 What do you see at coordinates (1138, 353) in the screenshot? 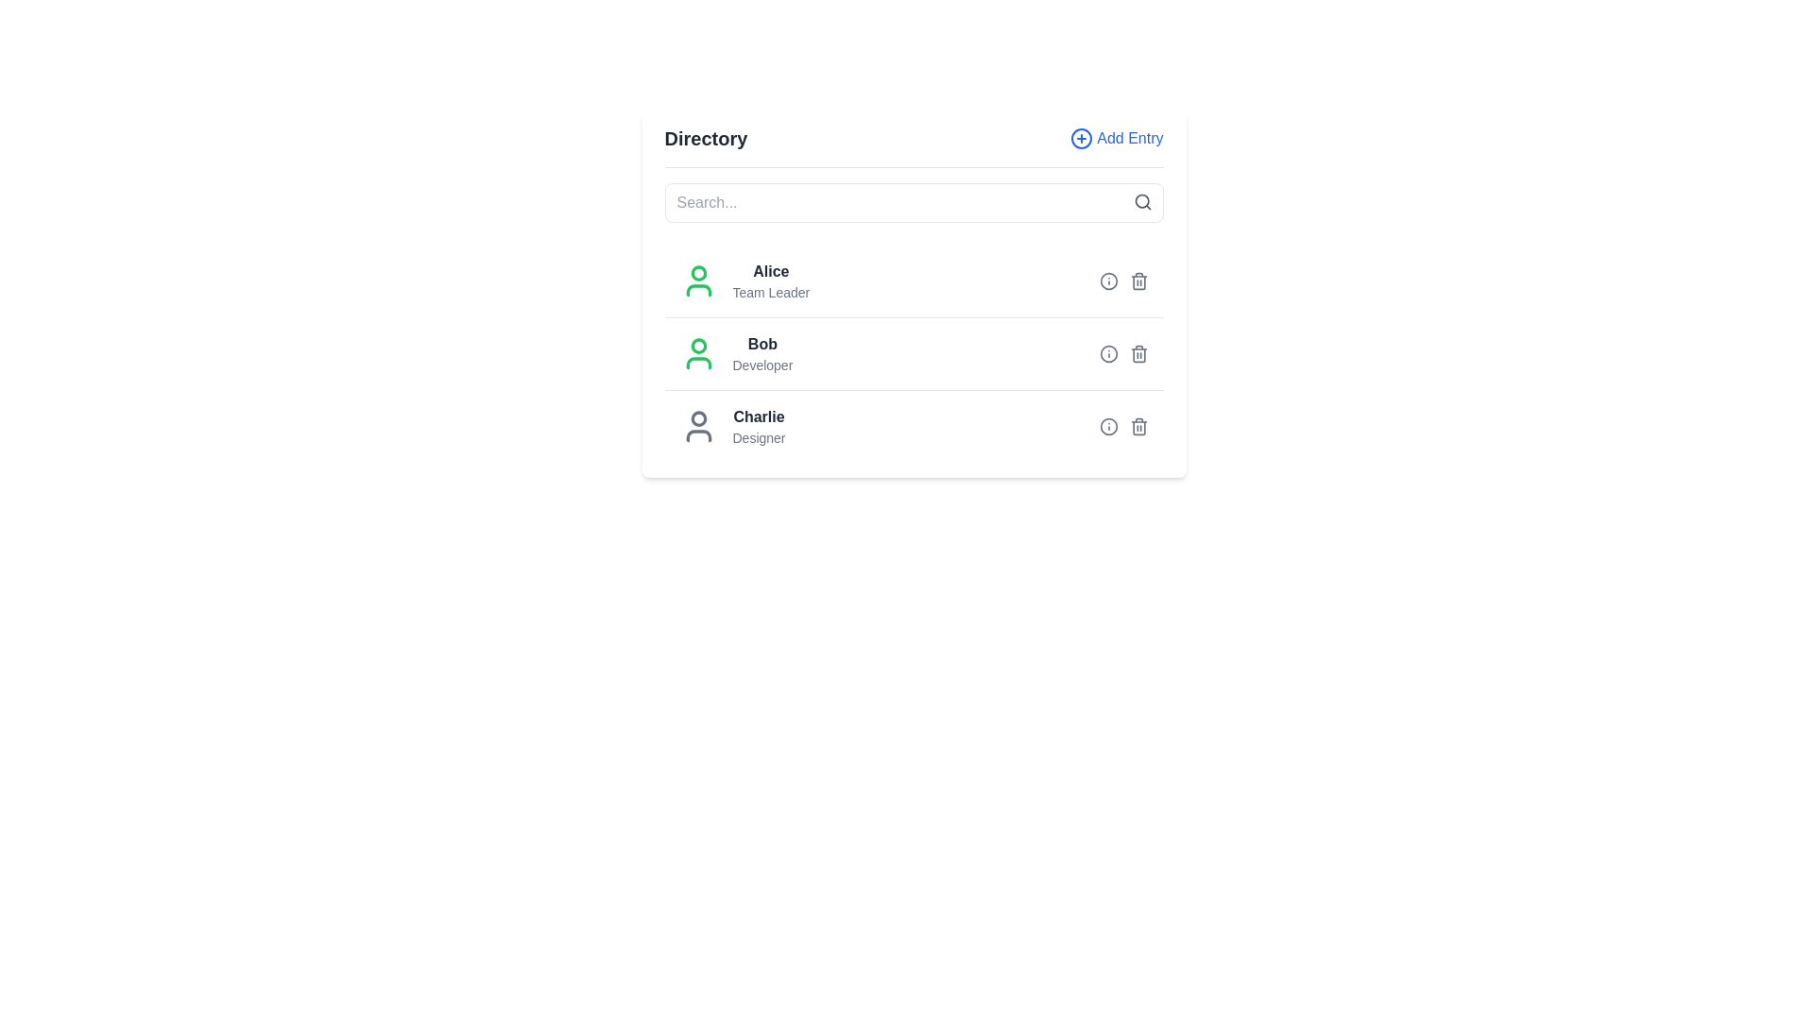
I see `the delete button icon located at the right end of the row for user 'Bob', which is the second interactive element next to an information button` at bounding box center [1138, 353].